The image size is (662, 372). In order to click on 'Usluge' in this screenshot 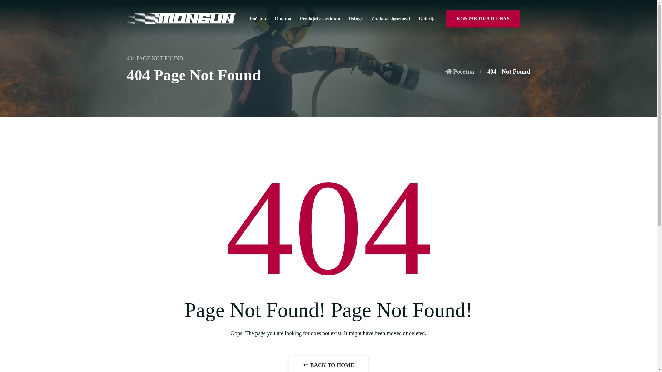, I will do `click(355, 18)`.